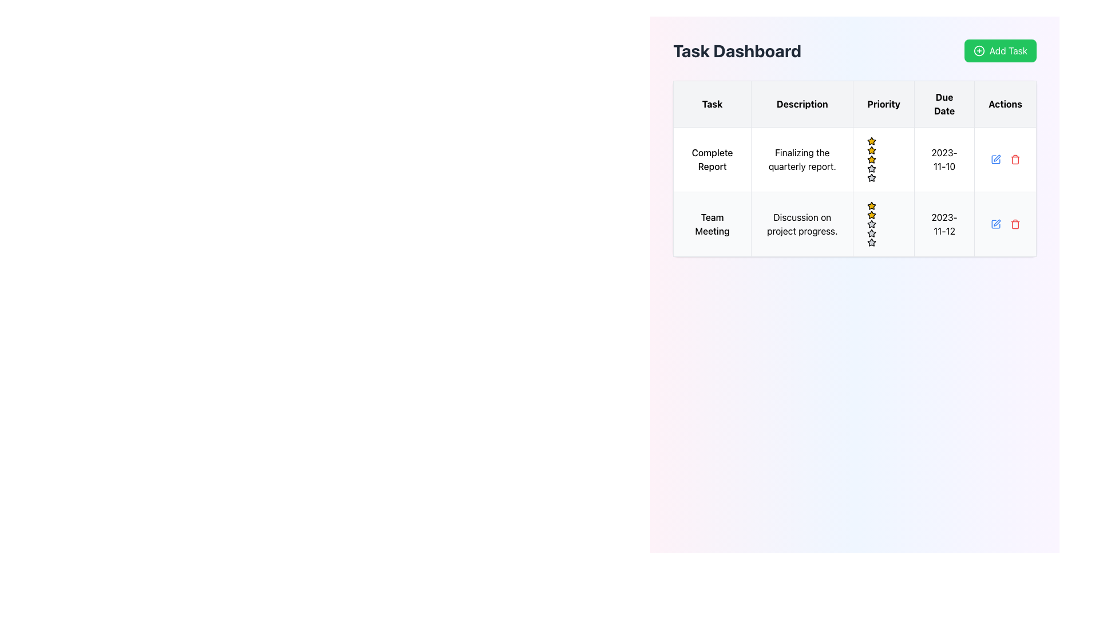 This screenshot has height=618, width=1099. Describe the element at coordinates (711, 224) in the screenshot. I see `text of the Text Display Element labeled 'Team Meeting' located in the second row of the 'Task' column in the task management dashboard` at that location.